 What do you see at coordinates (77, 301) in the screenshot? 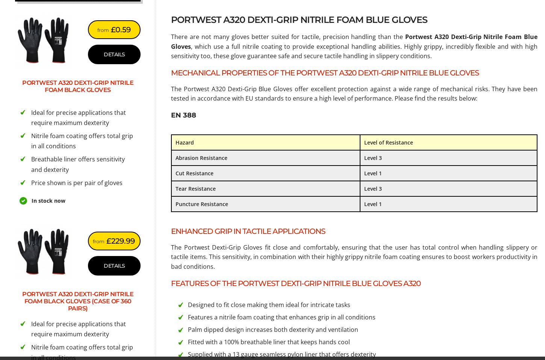
I see `'Portwest A320 Dexti-Grip Nitrile Foam Black Gloves (Case of 360 Pairs)'` at bounding box center [77, 301].